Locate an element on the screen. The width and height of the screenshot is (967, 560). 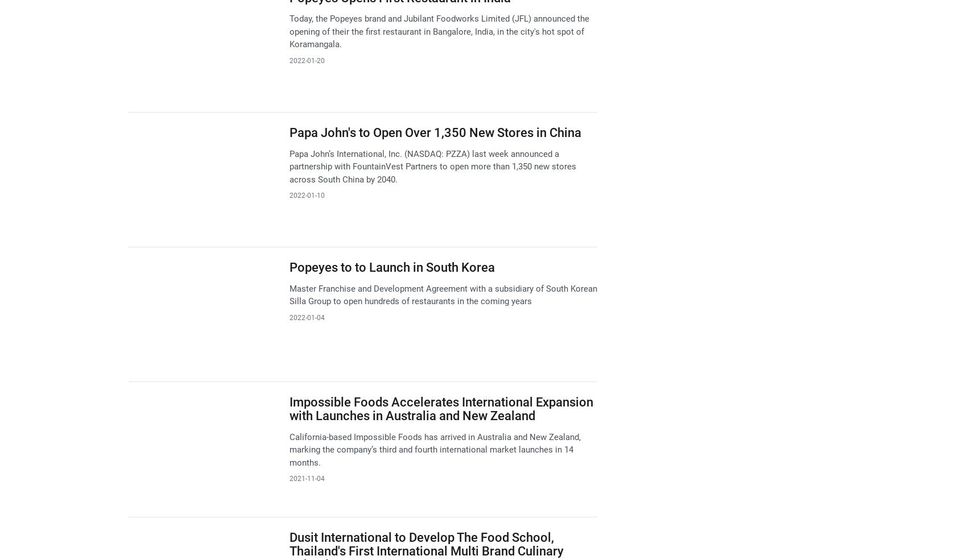
'2022-01-10' is located at coordinates (306, 195).